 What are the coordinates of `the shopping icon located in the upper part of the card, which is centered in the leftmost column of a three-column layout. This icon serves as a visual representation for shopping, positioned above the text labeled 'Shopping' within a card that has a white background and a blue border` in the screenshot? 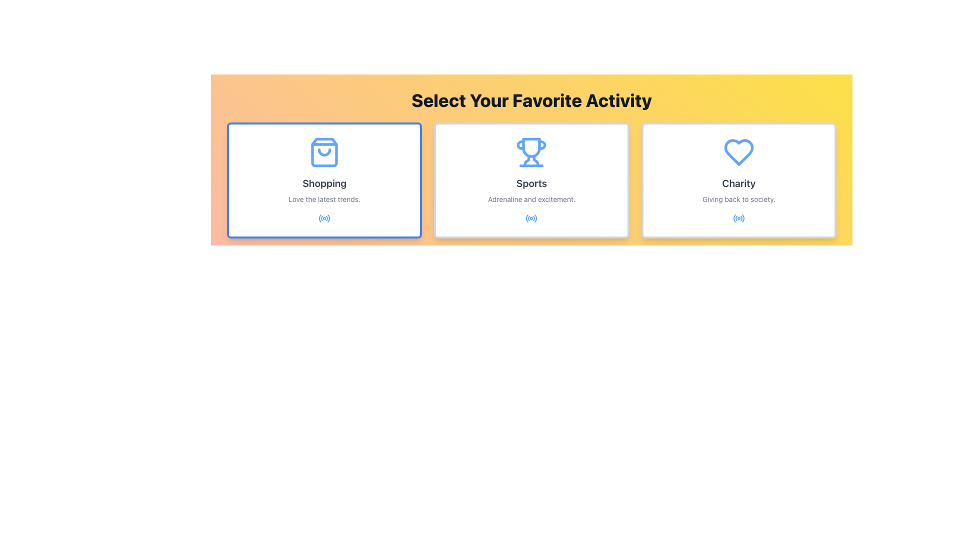 It's located at (324, 152).